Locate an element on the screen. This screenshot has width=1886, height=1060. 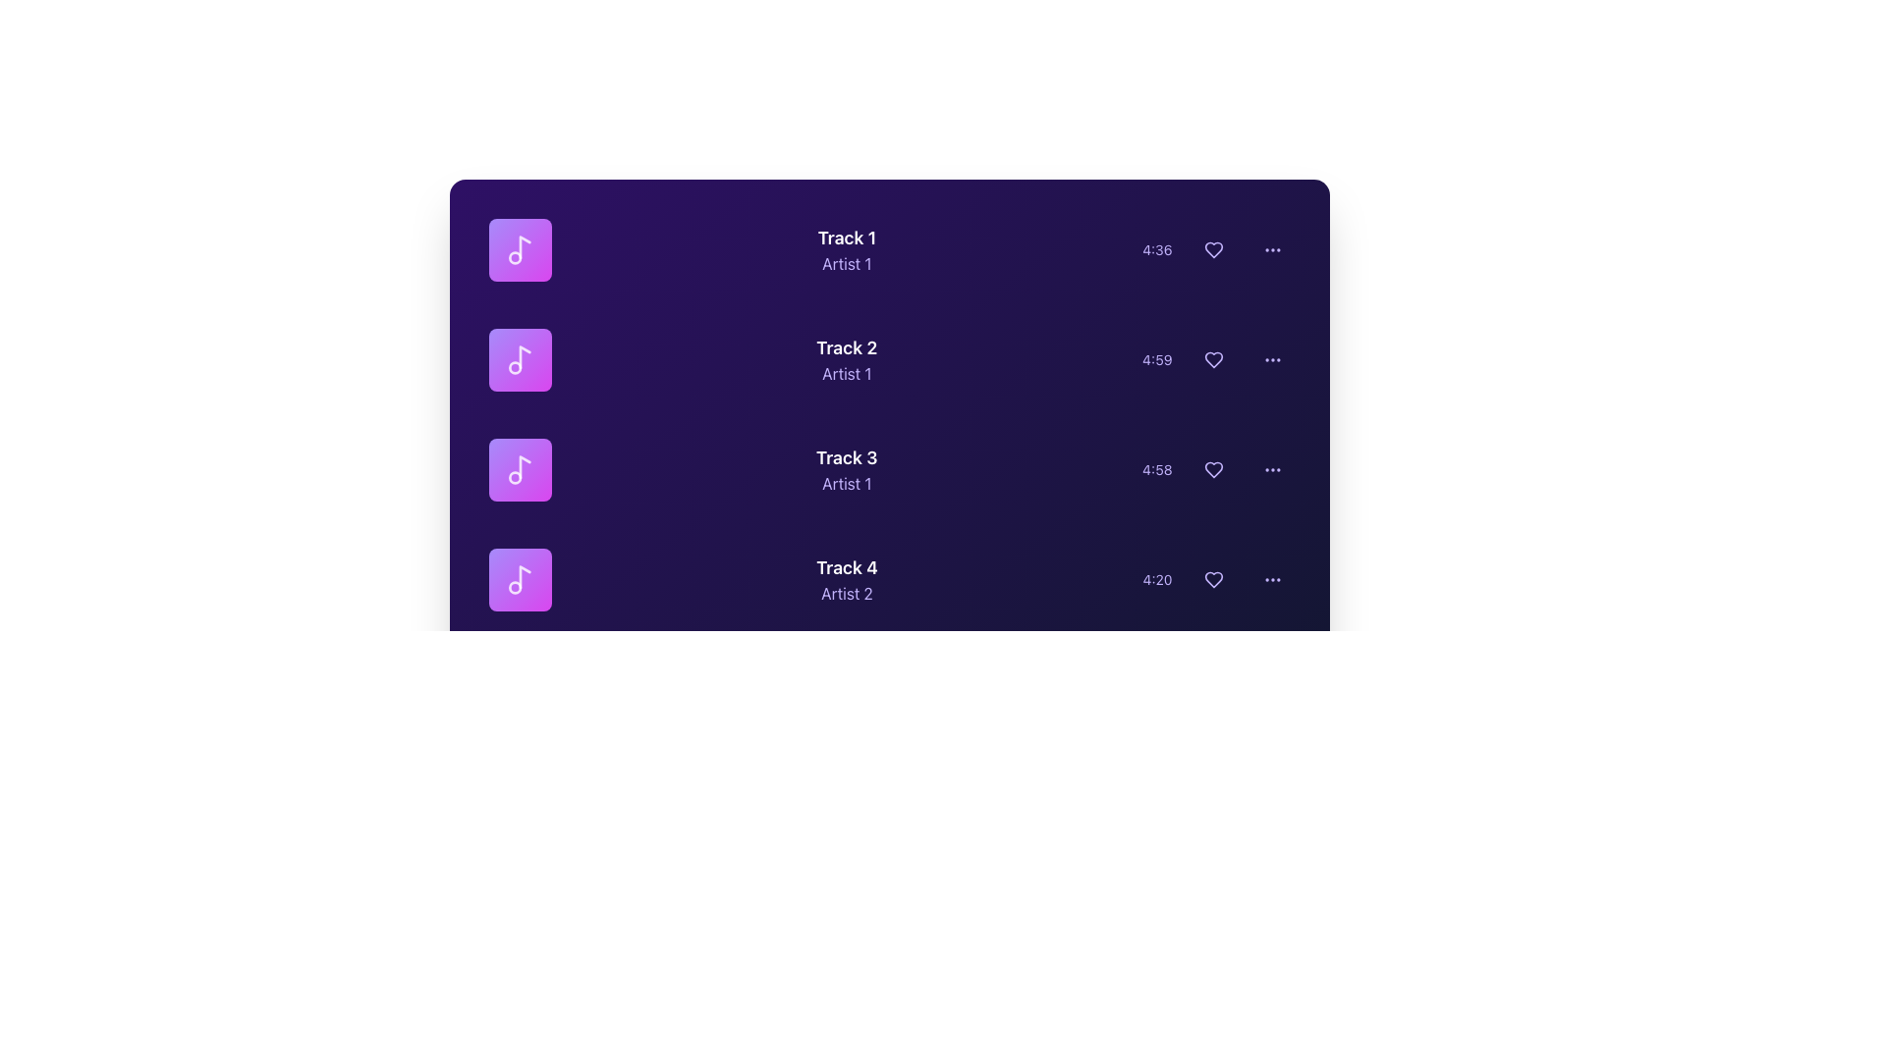
the text label displaying the time '4:36', which is styled in violet and located in the first row of the track list, adjacent to the track title and artist name is located at coordinates (1157, 248).